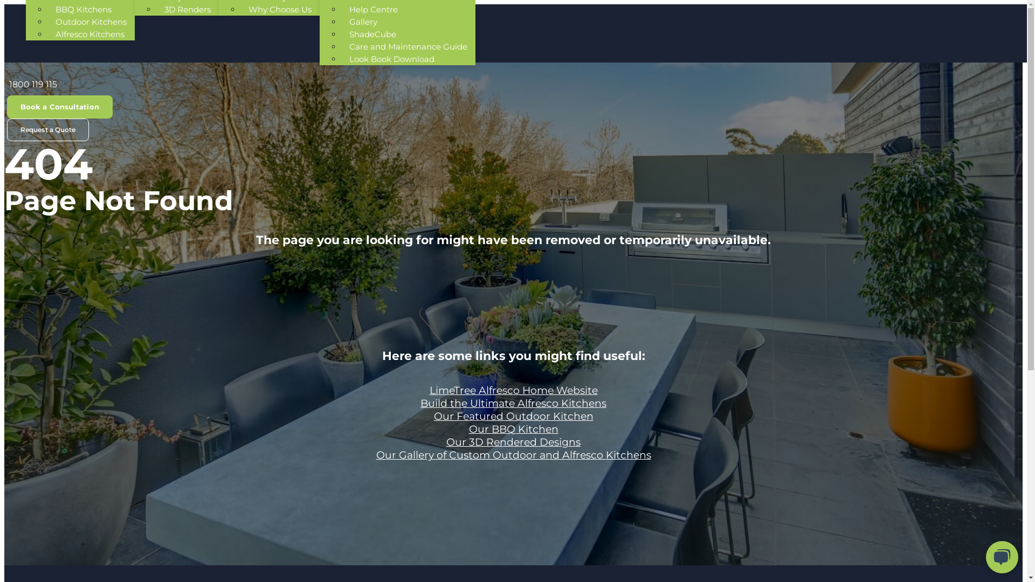 Image resolution: width=1035 pixels, height=582 pixels. Describe the element at coordinates (32, 84) in the screenshot. I see `' 1800 119 115'` at that location.